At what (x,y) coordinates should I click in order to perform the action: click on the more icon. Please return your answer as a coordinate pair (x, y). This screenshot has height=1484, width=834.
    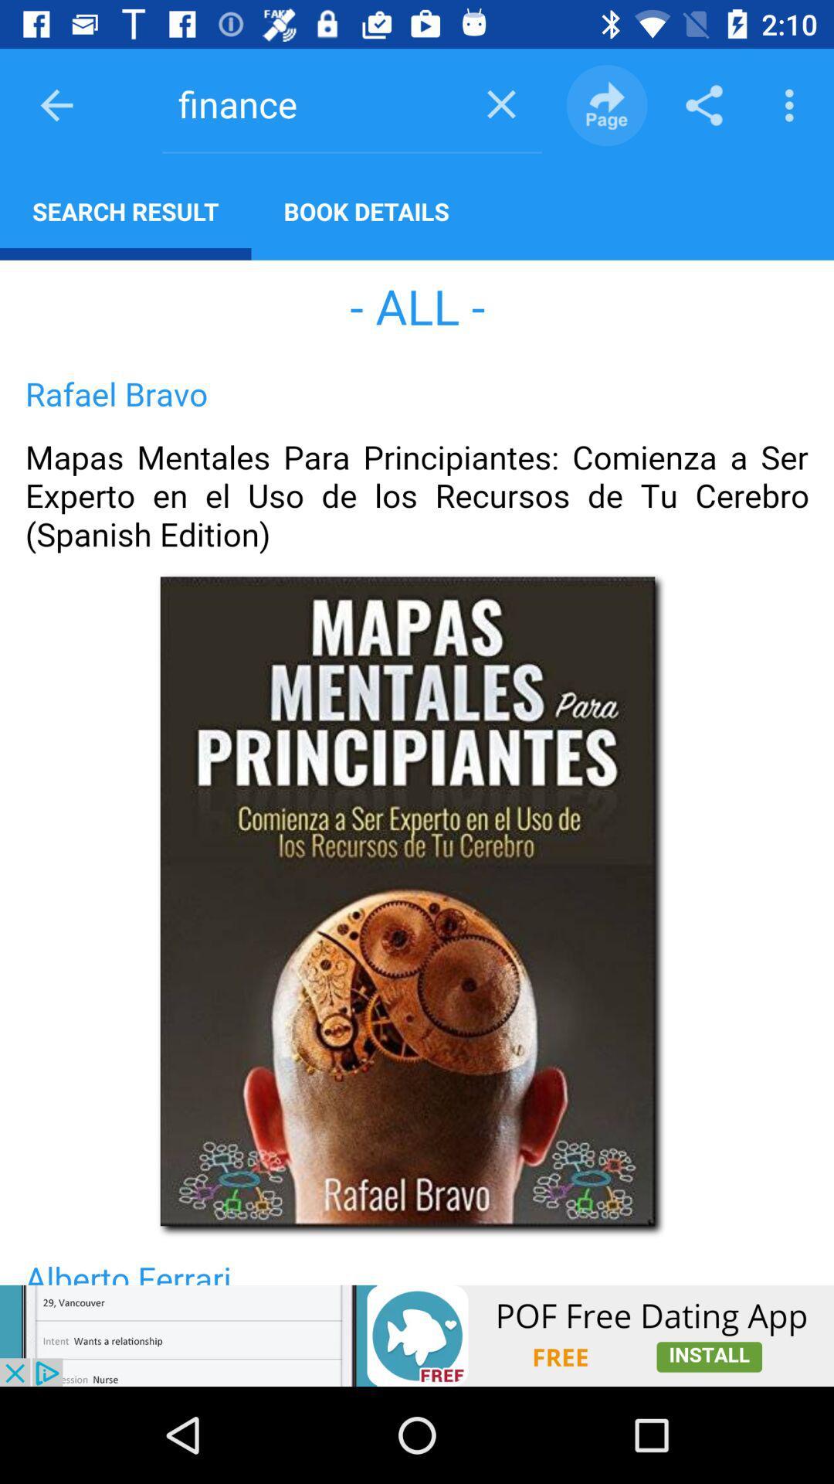
    Looking at the image, I should click on (793, 104).